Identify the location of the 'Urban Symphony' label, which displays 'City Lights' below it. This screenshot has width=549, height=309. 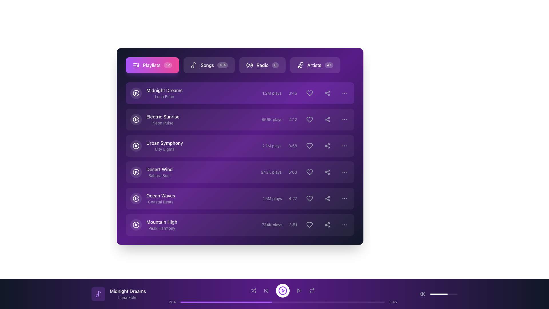
(164, 145).